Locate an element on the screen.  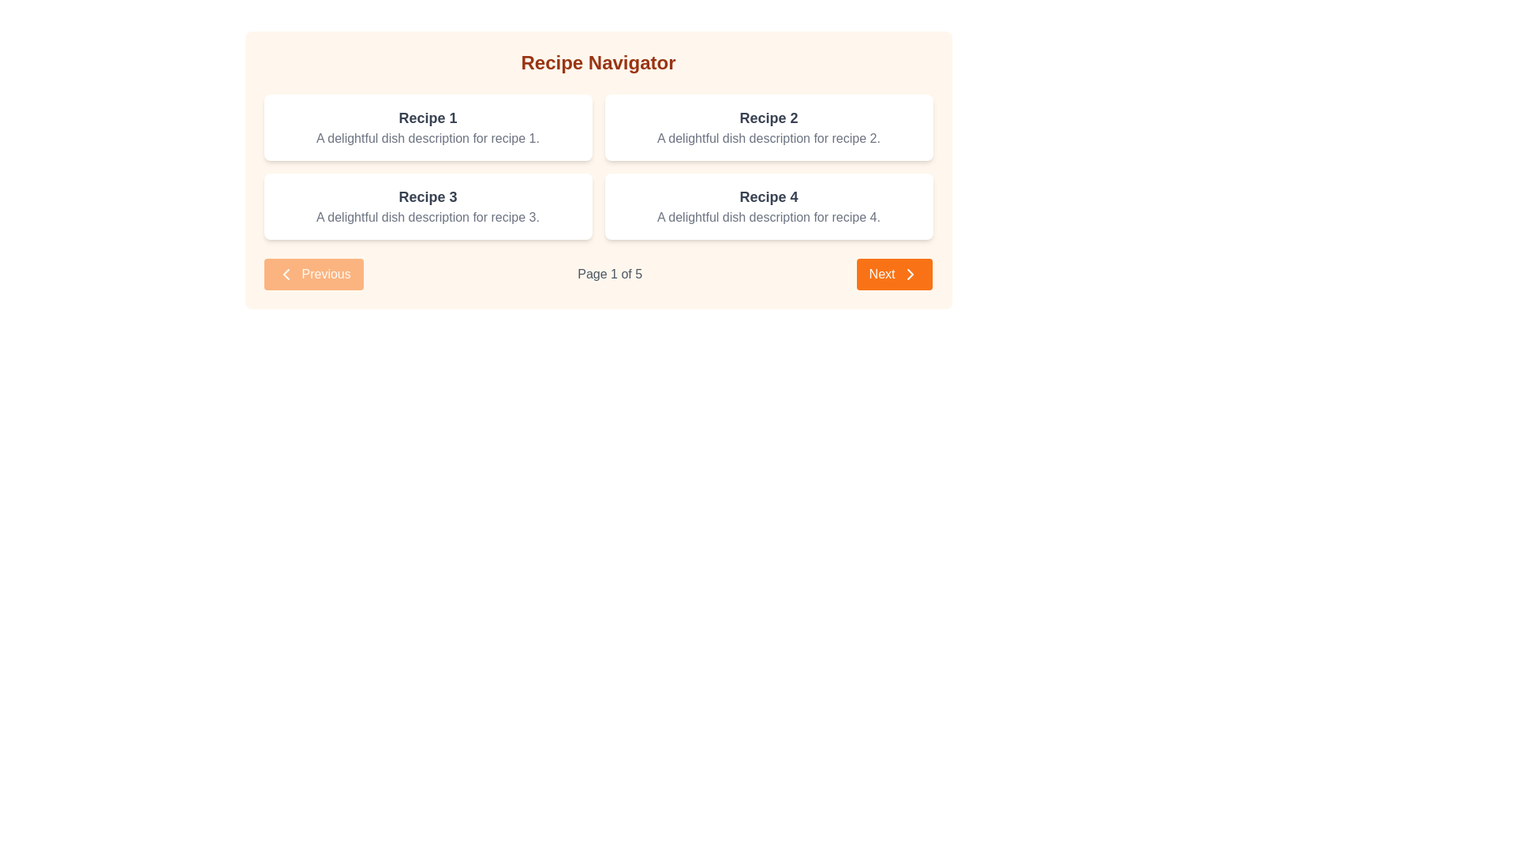
the chevron arrow icon located inside the 'Next' button with an orange background is located at coordinates (911, 273).